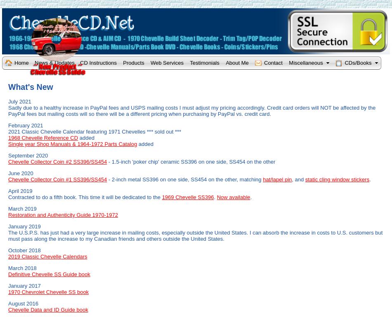 The width and height of the screenshot is (392, 317). What do you see at coordinates (233, 197) in the screenshot?
I see `'Now available'` at bounding box center [233, 197].